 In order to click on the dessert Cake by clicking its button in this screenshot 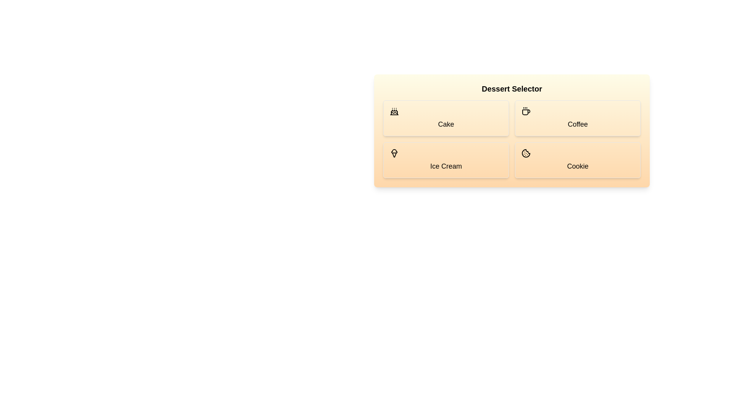, I will do `click(446, 118)`.